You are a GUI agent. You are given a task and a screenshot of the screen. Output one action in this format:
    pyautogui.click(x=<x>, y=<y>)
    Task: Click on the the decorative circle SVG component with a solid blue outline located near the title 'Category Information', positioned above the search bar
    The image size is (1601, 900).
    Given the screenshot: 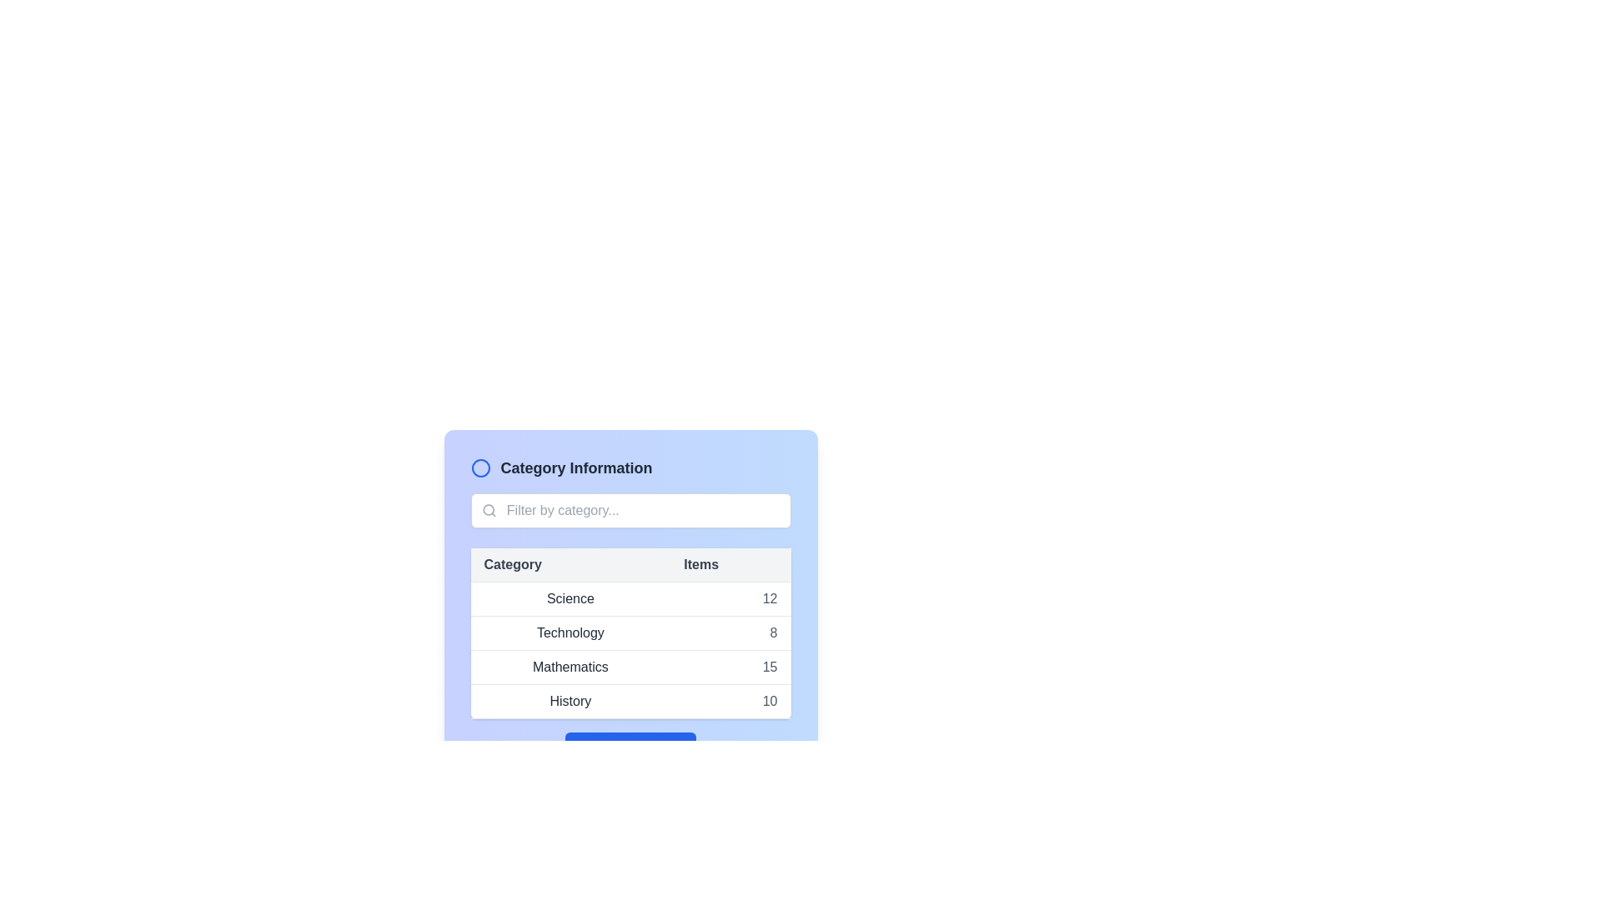 What is the action you would take?
    pyautogui.click(x=479, y=468)
    